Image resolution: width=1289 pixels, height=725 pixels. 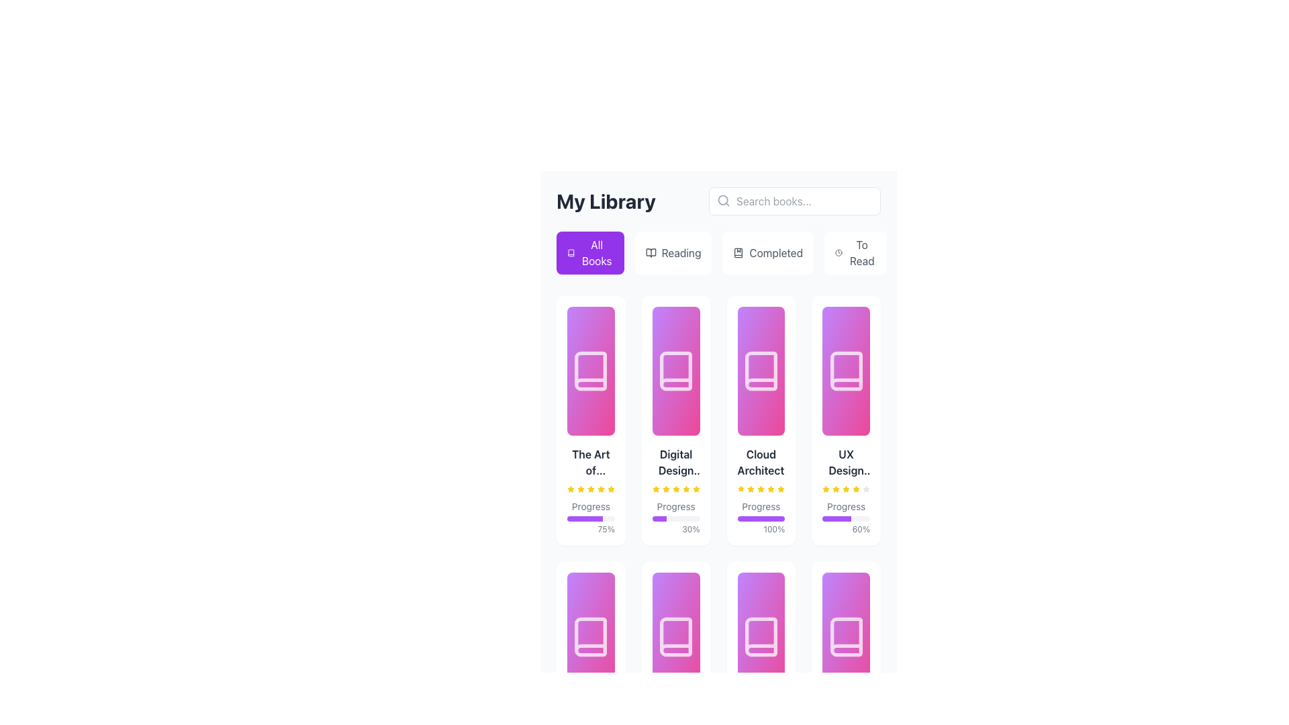 I want to click on the book icon representing 'UX Design' located in the fourth card of the first row under the 'My Library' header, so click(x=845, y=371).